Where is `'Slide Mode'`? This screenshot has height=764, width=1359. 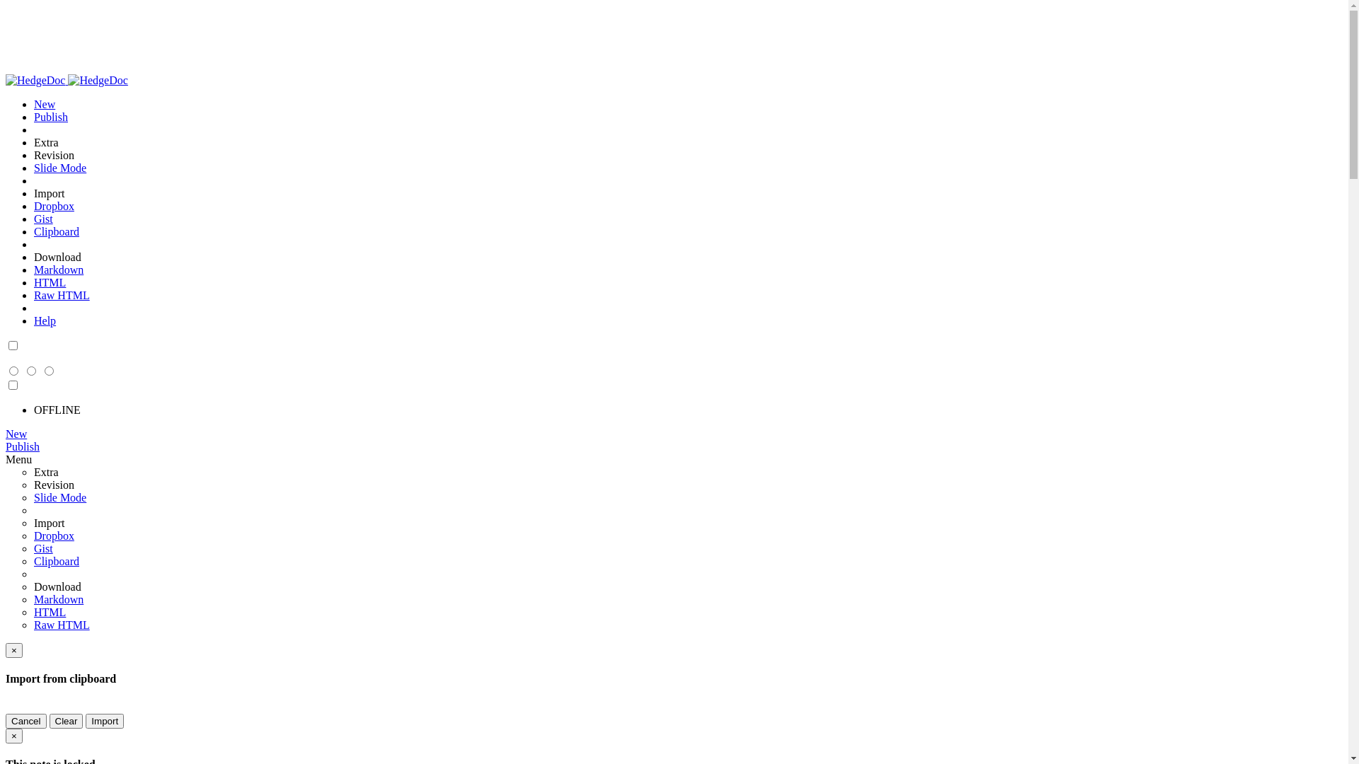
'Slide Mode' is located at coordinates (59, 167).